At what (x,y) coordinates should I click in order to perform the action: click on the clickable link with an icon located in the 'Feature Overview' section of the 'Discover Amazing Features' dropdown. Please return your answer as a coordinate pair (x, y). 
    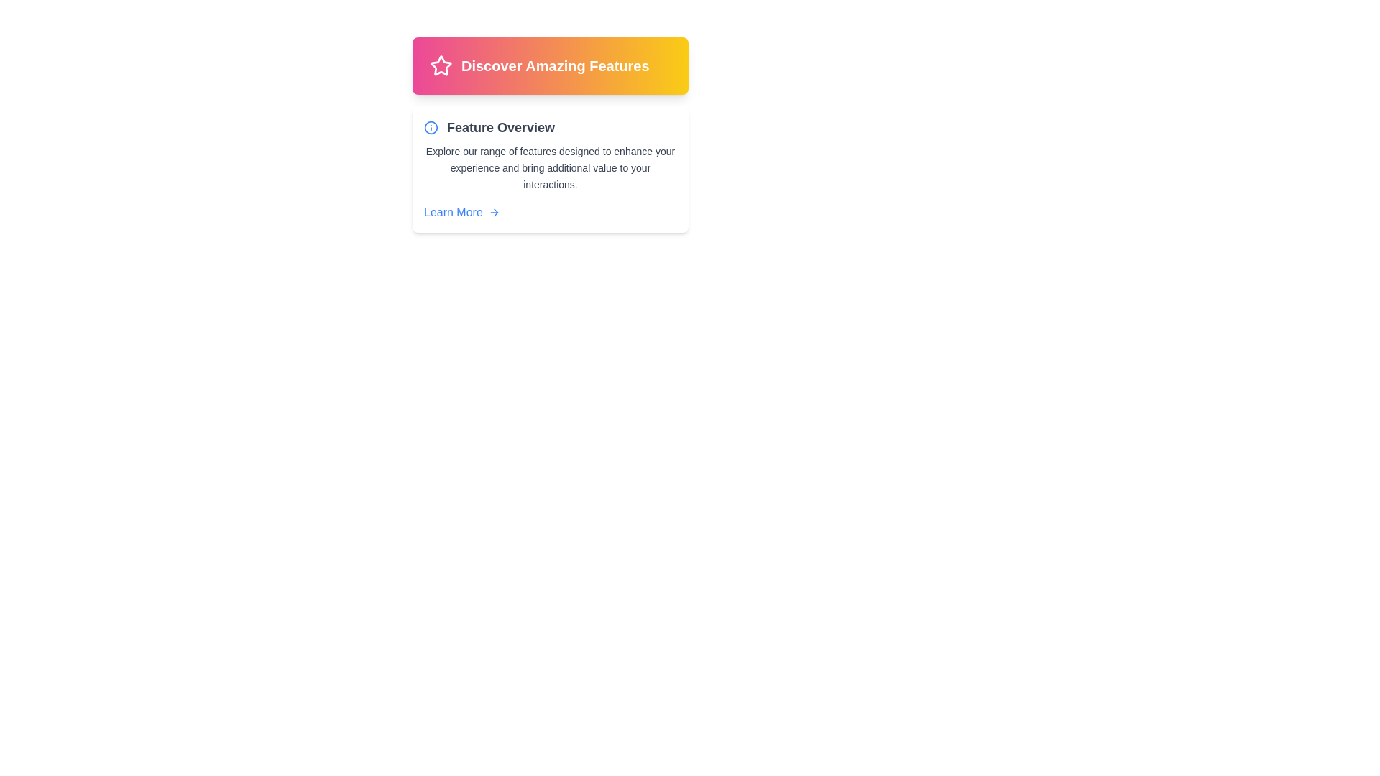
    Looking at the image, I should click on (461, 213).